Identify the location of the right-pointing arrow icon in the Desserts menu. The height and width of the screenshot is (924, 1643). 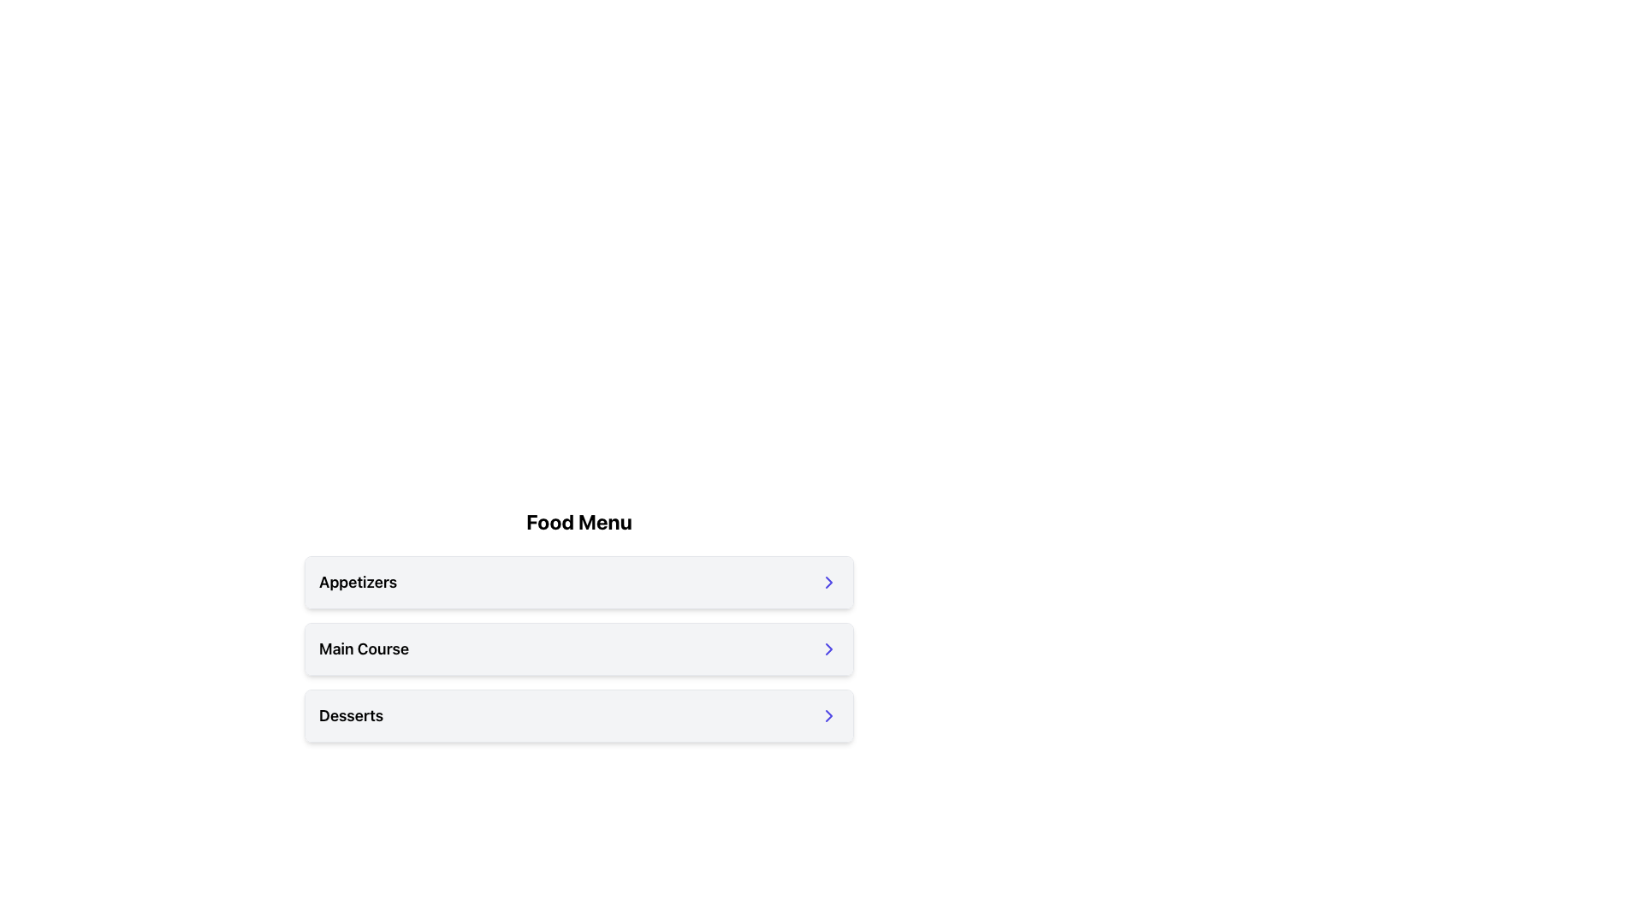
(829, 716).